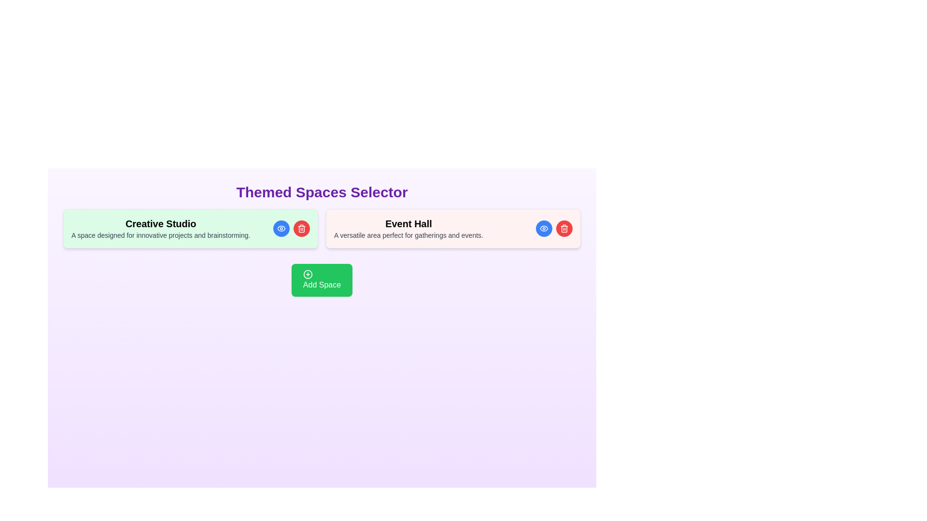 The height and width of the screenshot is (521, 927). I want to click on the descriptive text element providing details about the 'Event Hall', which is positioned below the main title 'Event Hall' and centrally aligned, so click(408, 235).